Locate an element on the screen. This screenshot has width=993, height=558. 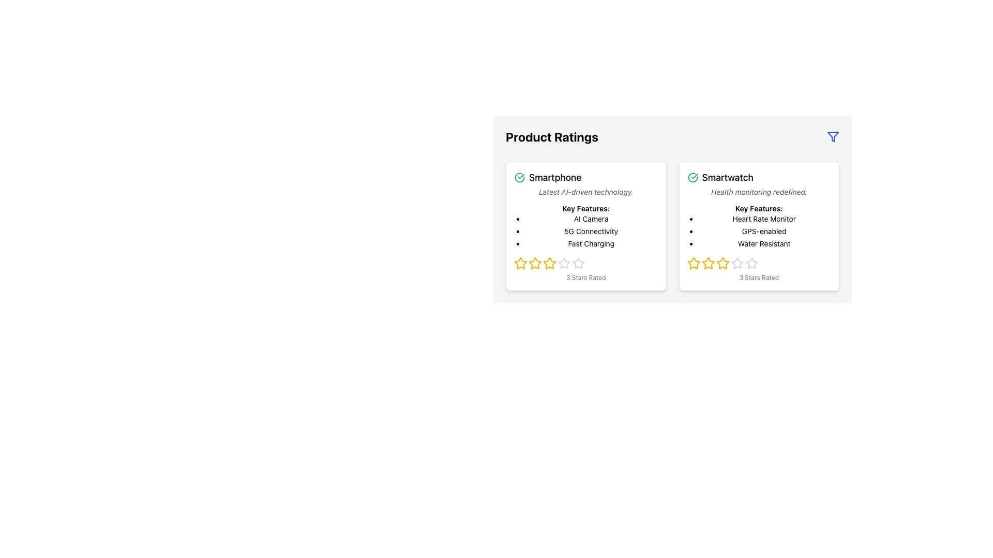
the 'Heart Rate Monitor' text label, which is the first item in the list of key features for the smartwatch, located under the 'Key Features:' heading is located at coordinates (764, 219).